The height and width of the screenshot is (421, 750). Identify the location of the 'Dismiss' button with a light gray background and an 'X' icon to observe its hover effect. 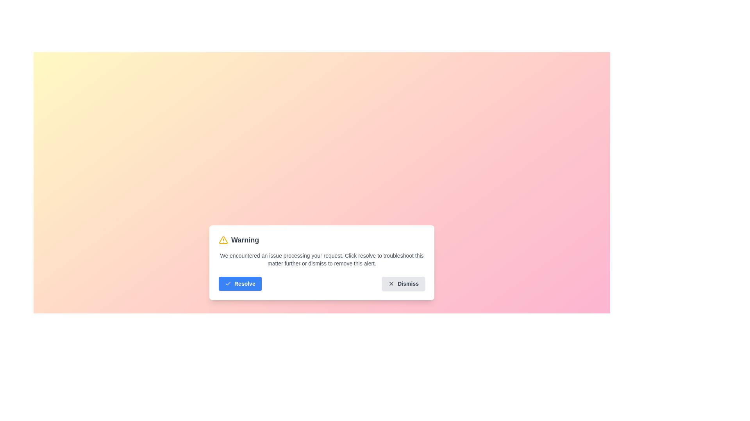
(404, 284).